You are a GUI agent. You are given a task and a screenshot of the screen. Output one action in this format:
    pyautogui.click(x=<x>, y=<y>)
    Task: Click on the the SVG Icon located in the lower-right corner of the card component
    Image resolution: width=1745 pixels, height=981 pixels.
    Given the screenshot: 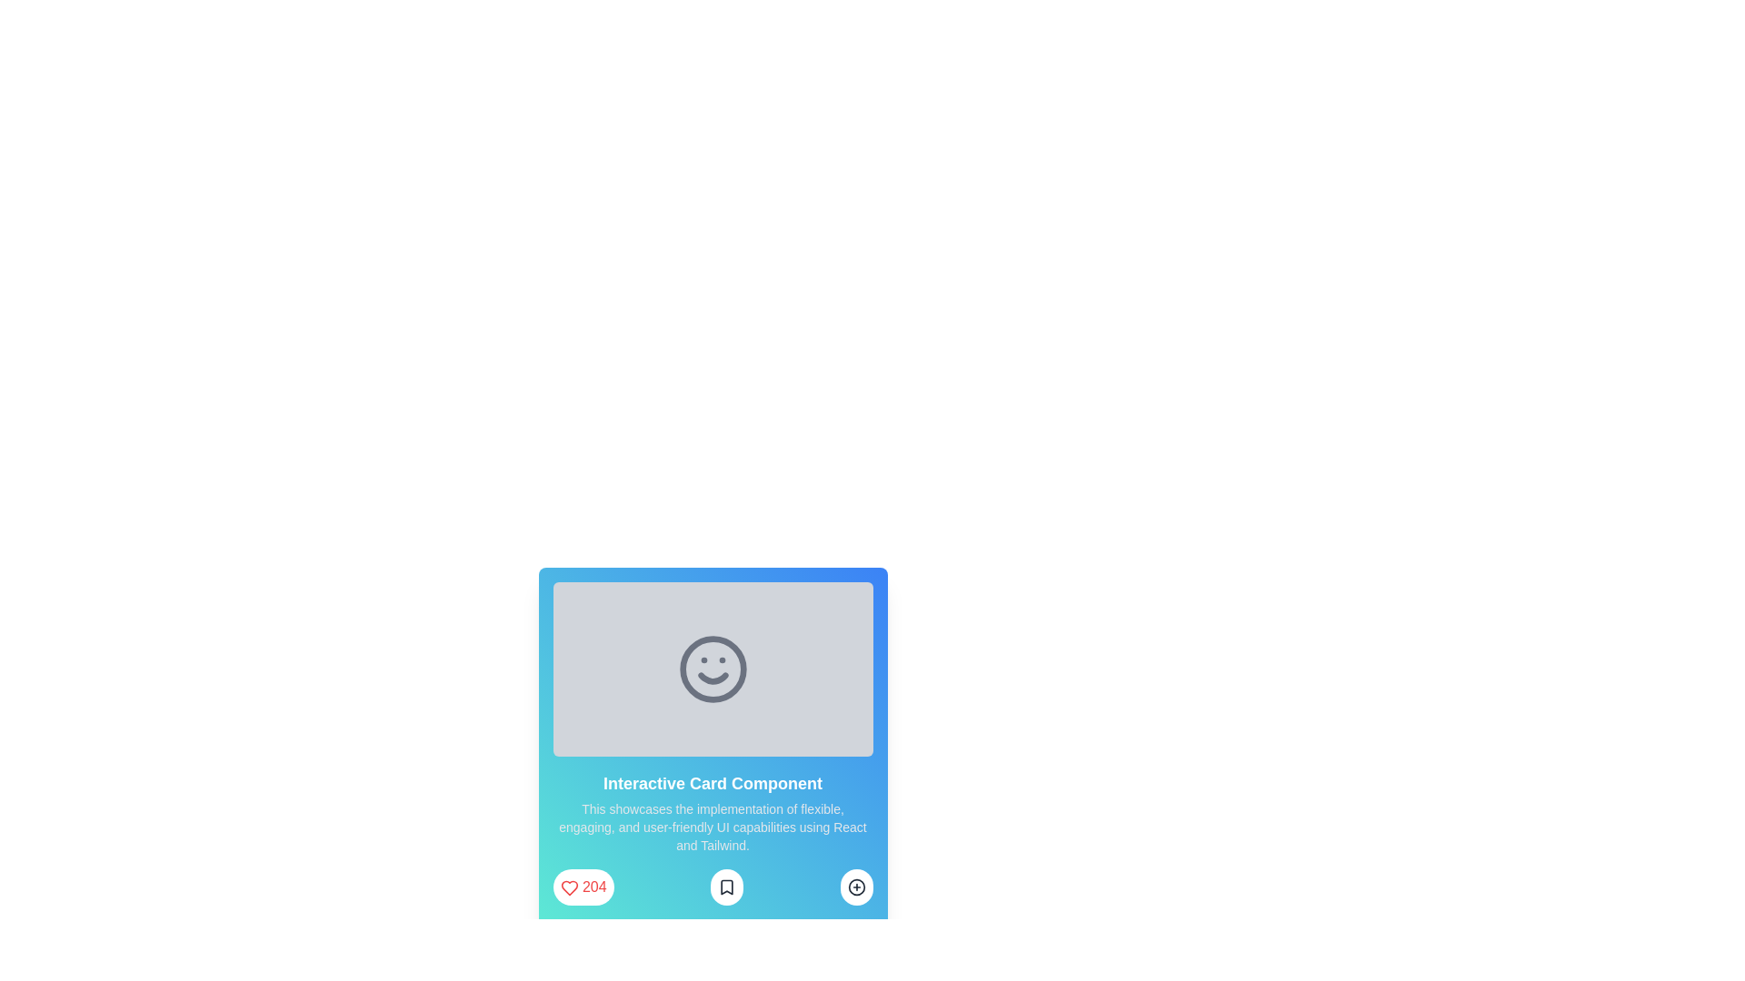 What is the action you would take?
    pyautogui.click(x=855, y=886)
    